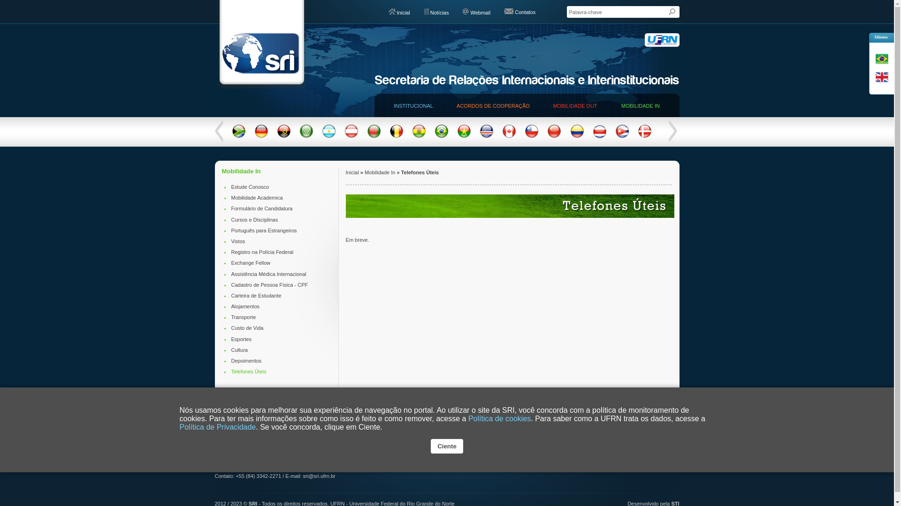 The height and width of the screenshot is (506, 901). What do you see at coordinates (446, 446) in the screenshot?
I see `'Ciente'` at bounding box center [446, 446].